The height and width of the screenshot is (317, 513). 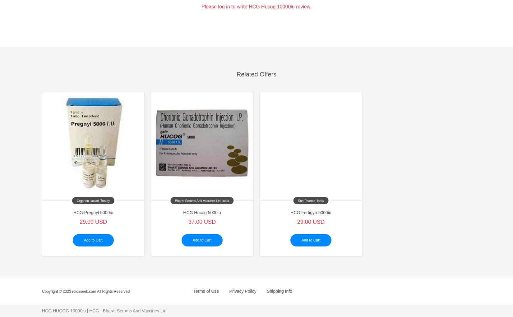 I want to click on 'HCG Fertigyn 5000iu', so click(x=311, y=212).